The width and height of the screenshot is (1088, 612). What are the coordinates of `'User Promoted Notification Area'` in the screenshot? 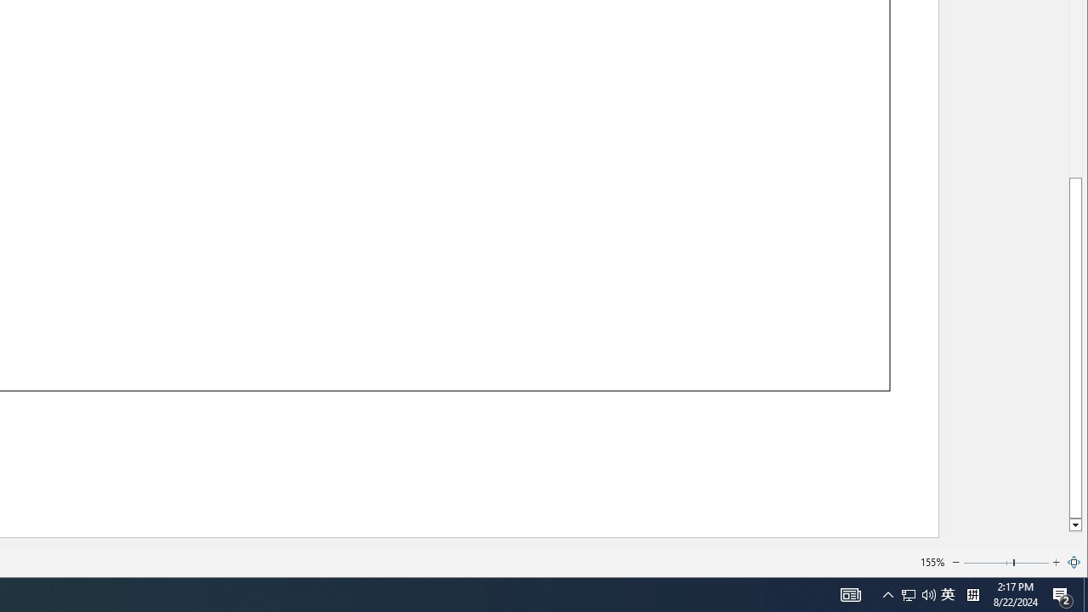 It's located at (917, 593).